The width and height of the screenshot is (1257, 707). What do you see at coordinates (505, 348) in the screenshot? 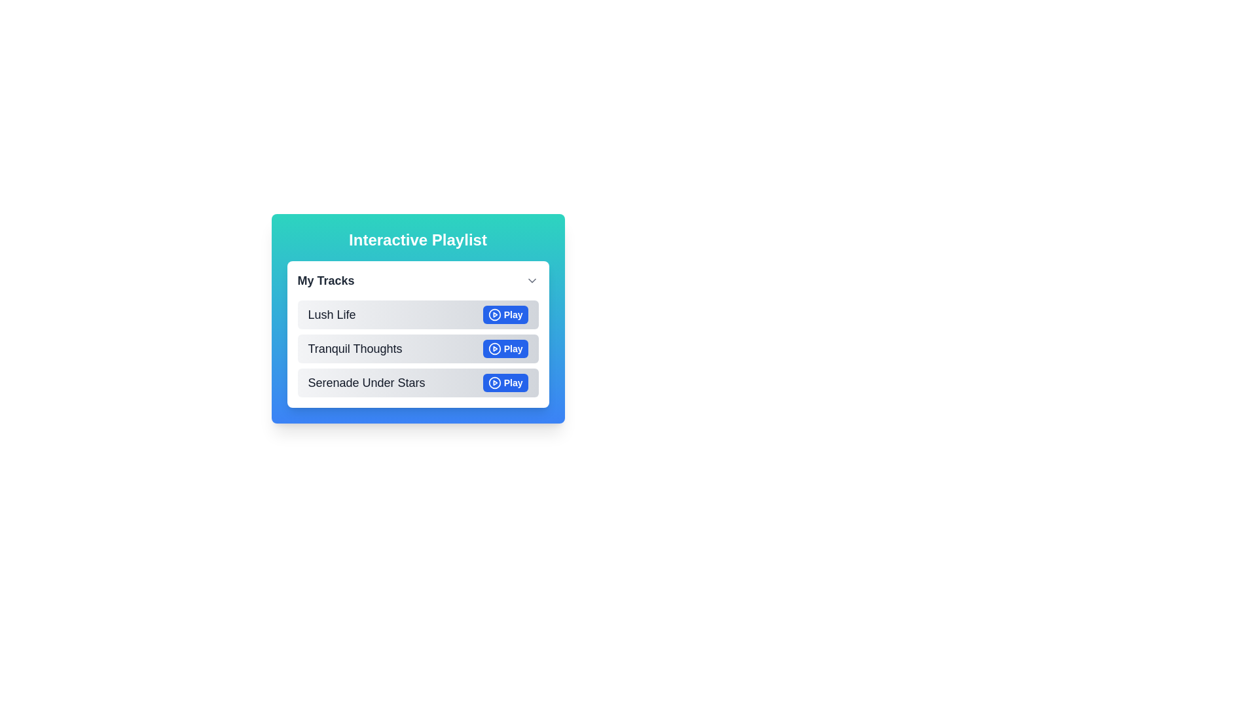
I see `the play button located to the far right of the row for the track 'Tranquil Thoughts' in the playlist` at bounding box center [505, 348].